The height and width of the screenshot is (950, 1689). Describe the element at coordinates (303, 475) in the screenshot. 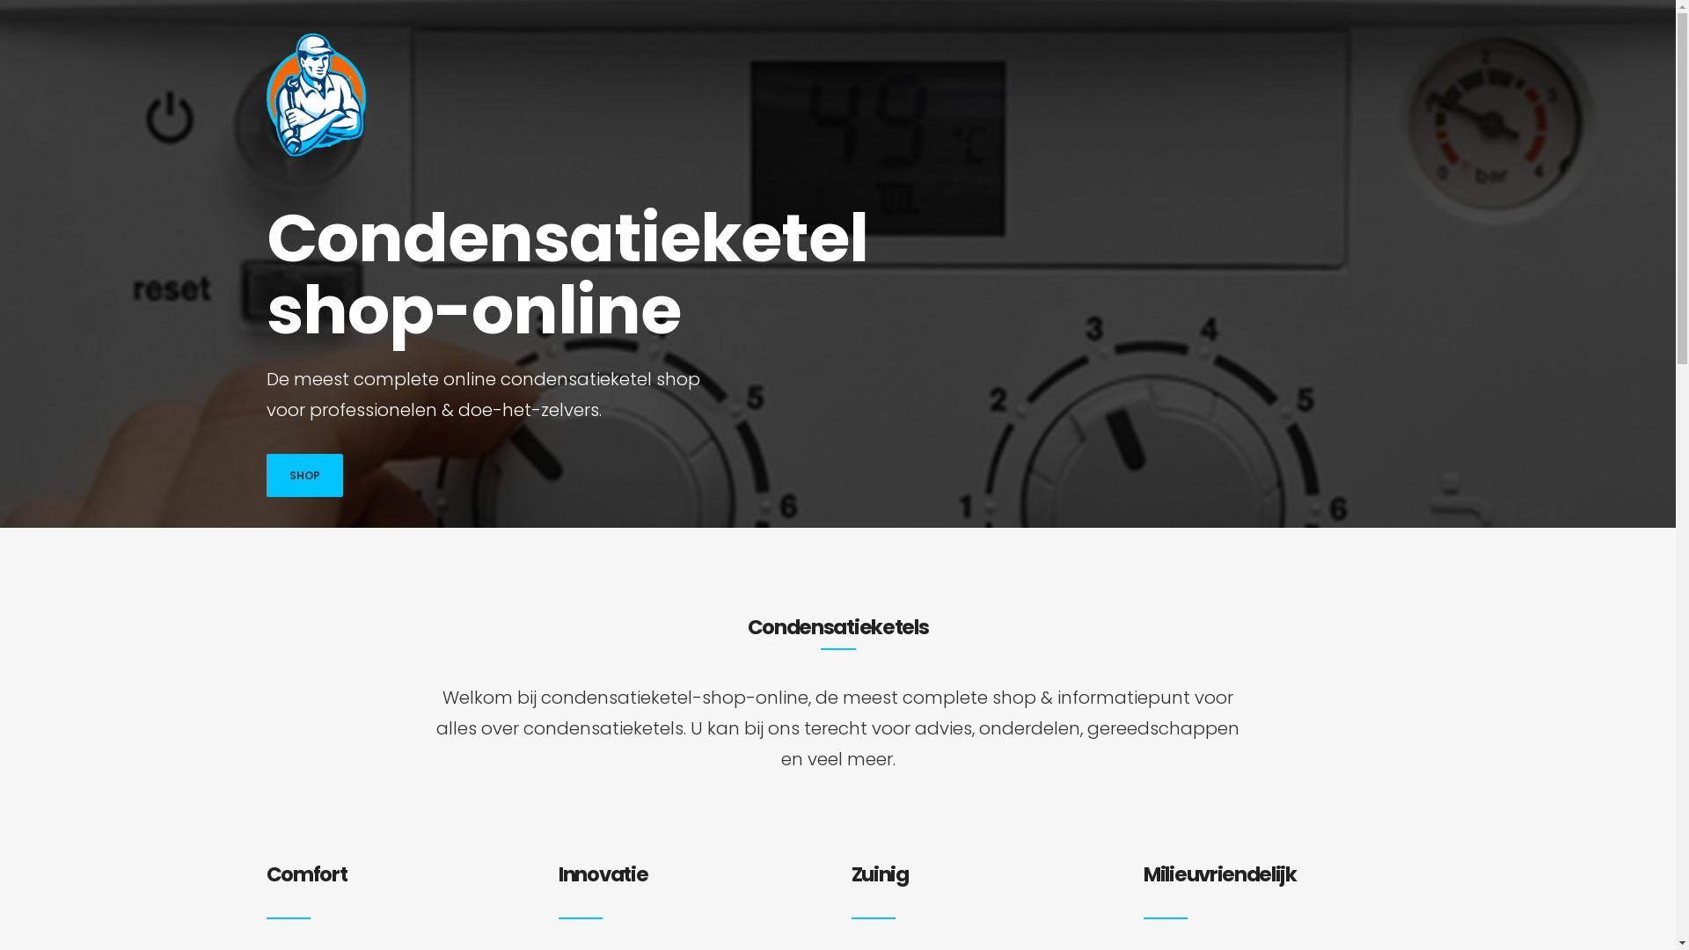

I see `'SHOP'` at that location.